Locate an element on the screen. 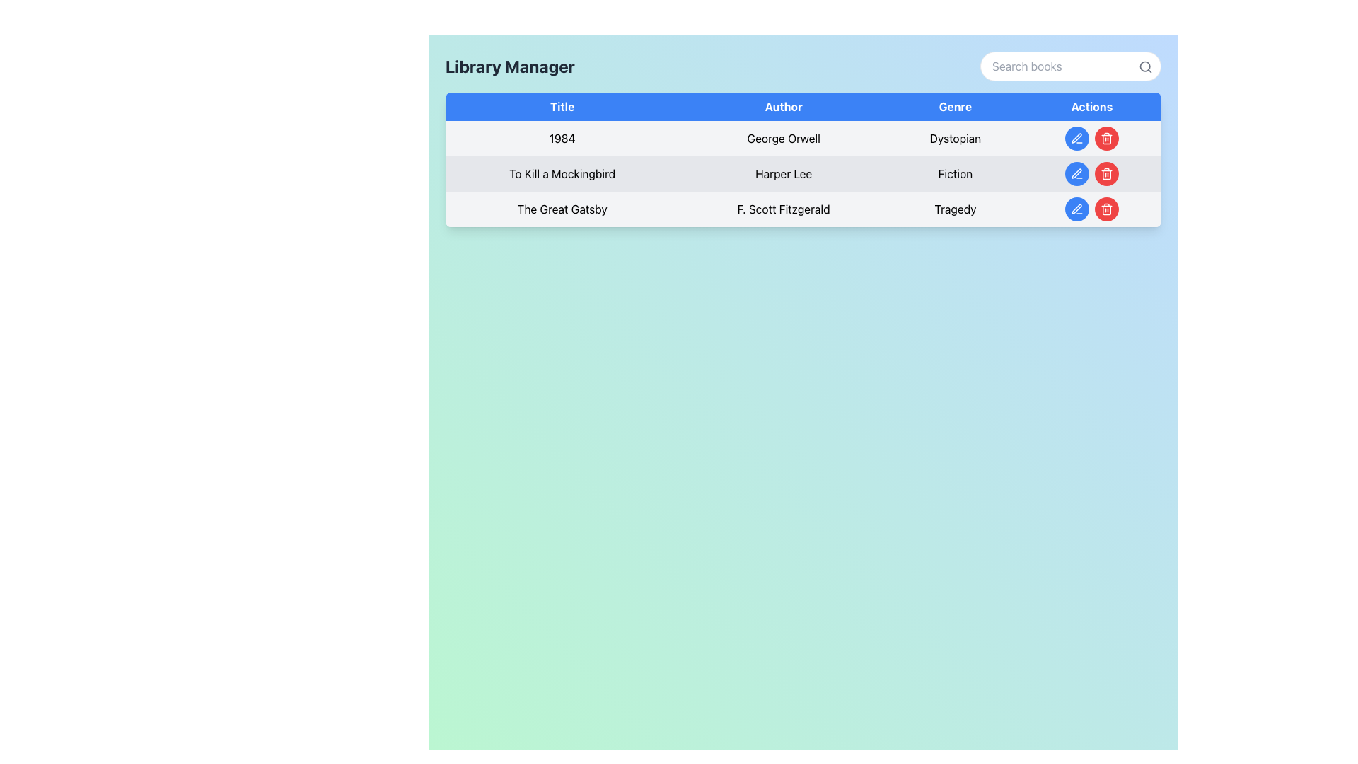 This screenshot has height=764, width=1358. the text label displaying 'Dystopian' in bold font, located in the 'Genre' column of the table, positioned between the 'Author' column and 'Actions' column is located at coordinates (955, 139).